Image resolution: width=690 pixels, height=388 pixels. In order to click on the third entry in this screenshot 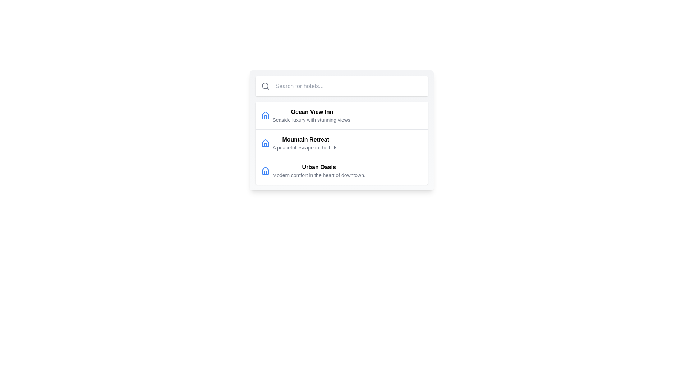, I will do `click(341, 171)`.